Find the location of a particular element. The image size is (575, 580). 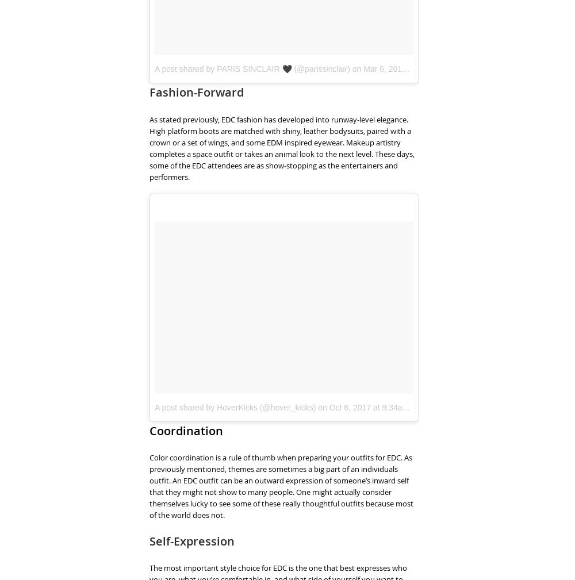

'Fashion-Forward' is located at coordinates (149, 91).